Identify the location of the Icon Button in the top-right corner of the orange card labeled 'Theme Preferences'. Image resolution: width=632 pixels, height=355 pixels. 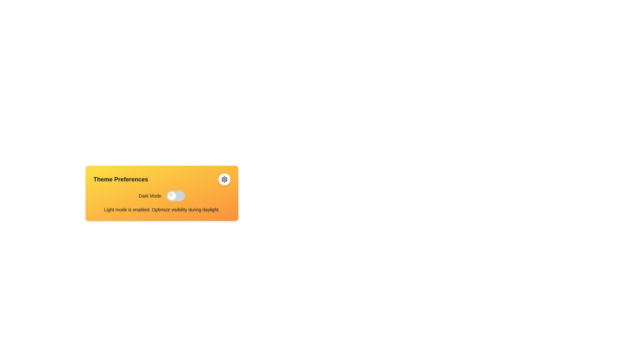
(224, 179).